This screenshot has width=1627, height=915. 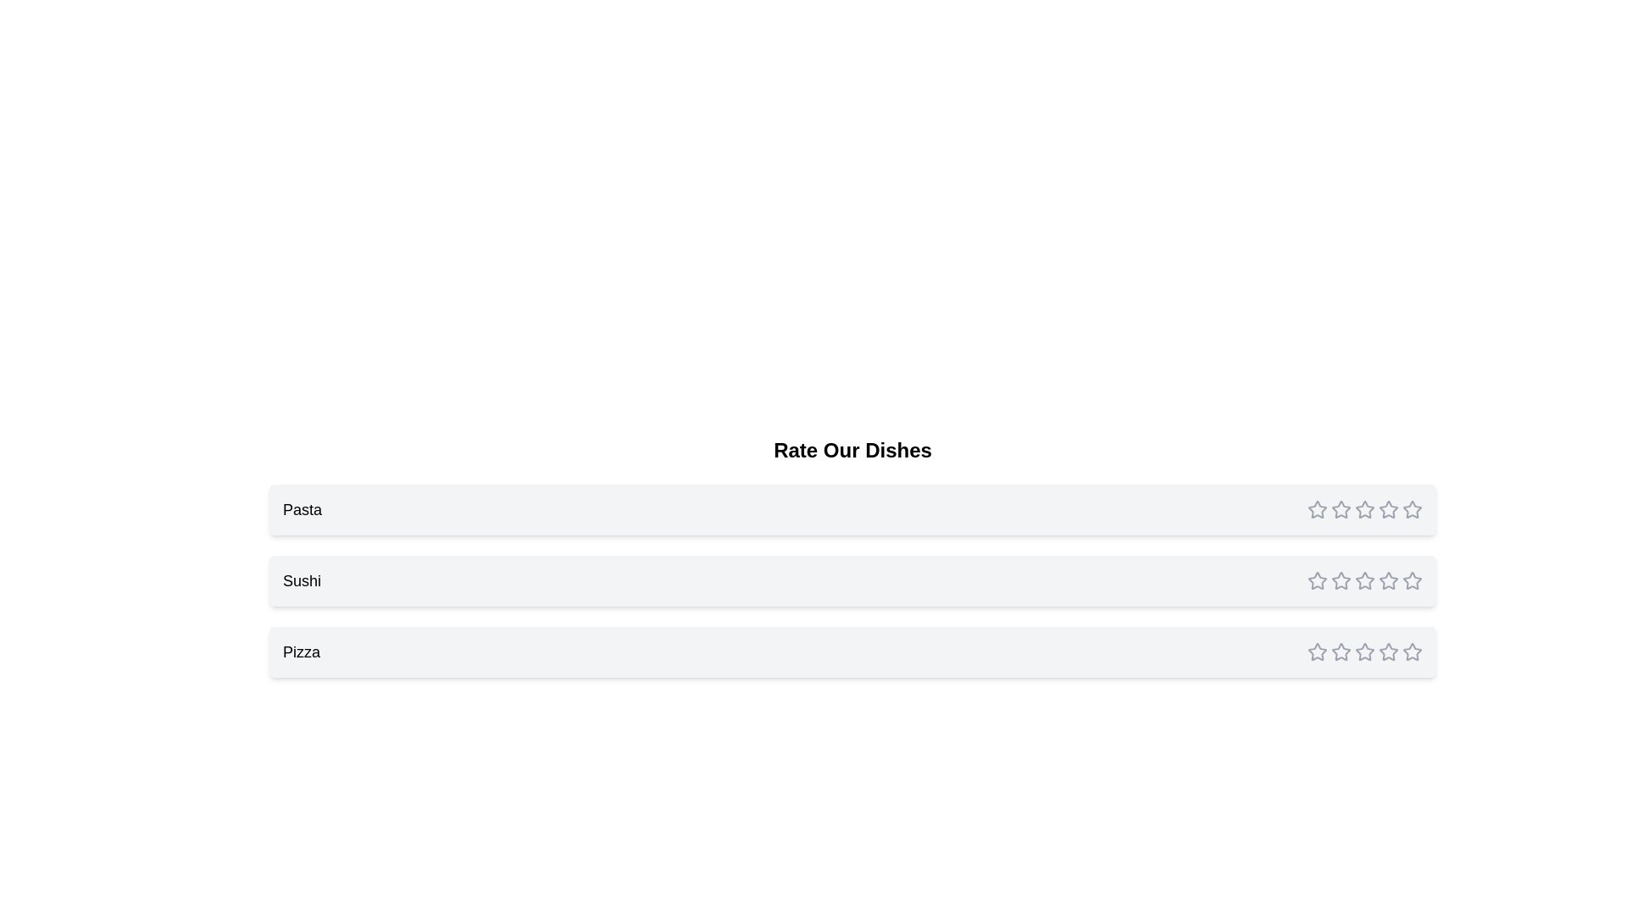 I want to click on the second star icon in the rating row for the 'Pasta' section, so click(x=1365, y=508).